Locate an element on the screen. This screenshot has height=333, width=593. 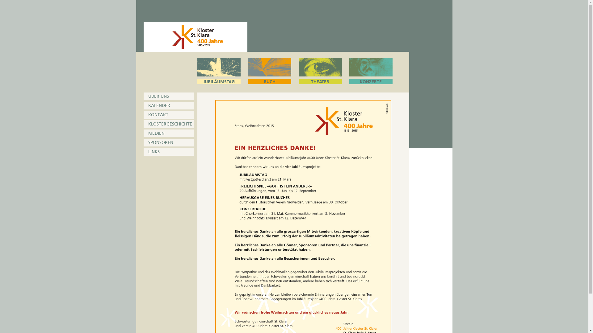
'KALENDER' is located at coordinates (168, 105).